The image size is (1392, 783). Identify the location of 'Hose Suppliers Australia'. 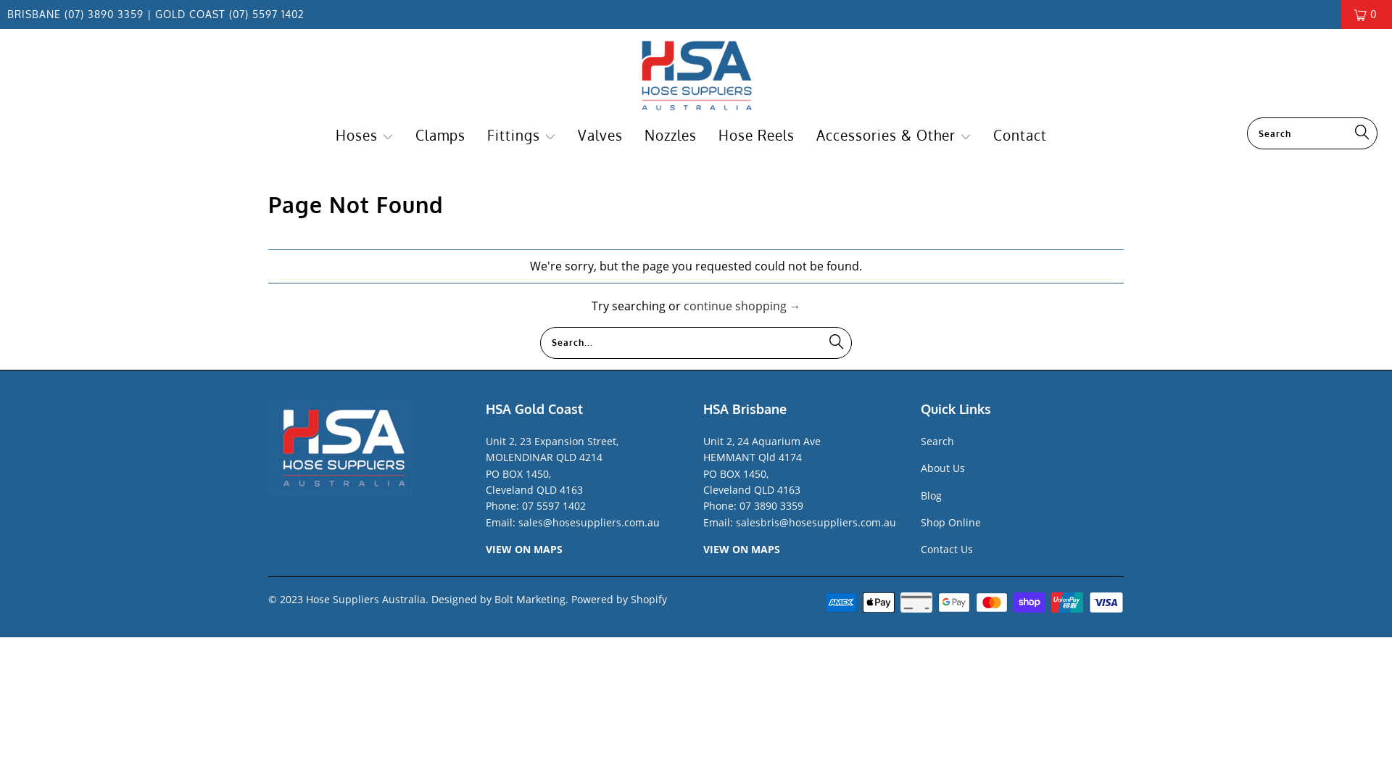
(696, 76).